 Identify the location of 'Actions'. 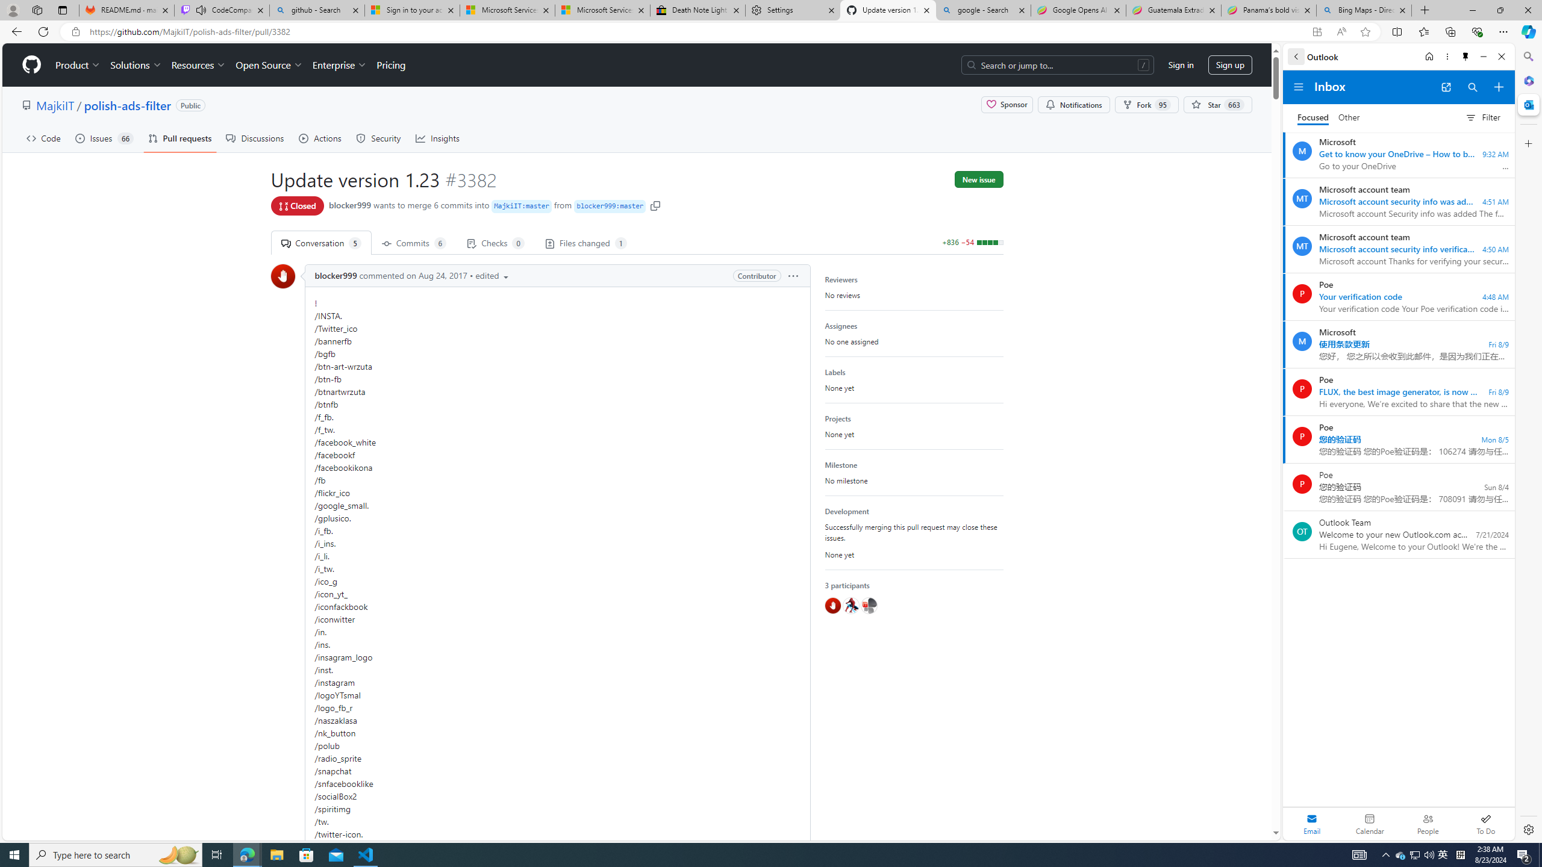
(320, 138).